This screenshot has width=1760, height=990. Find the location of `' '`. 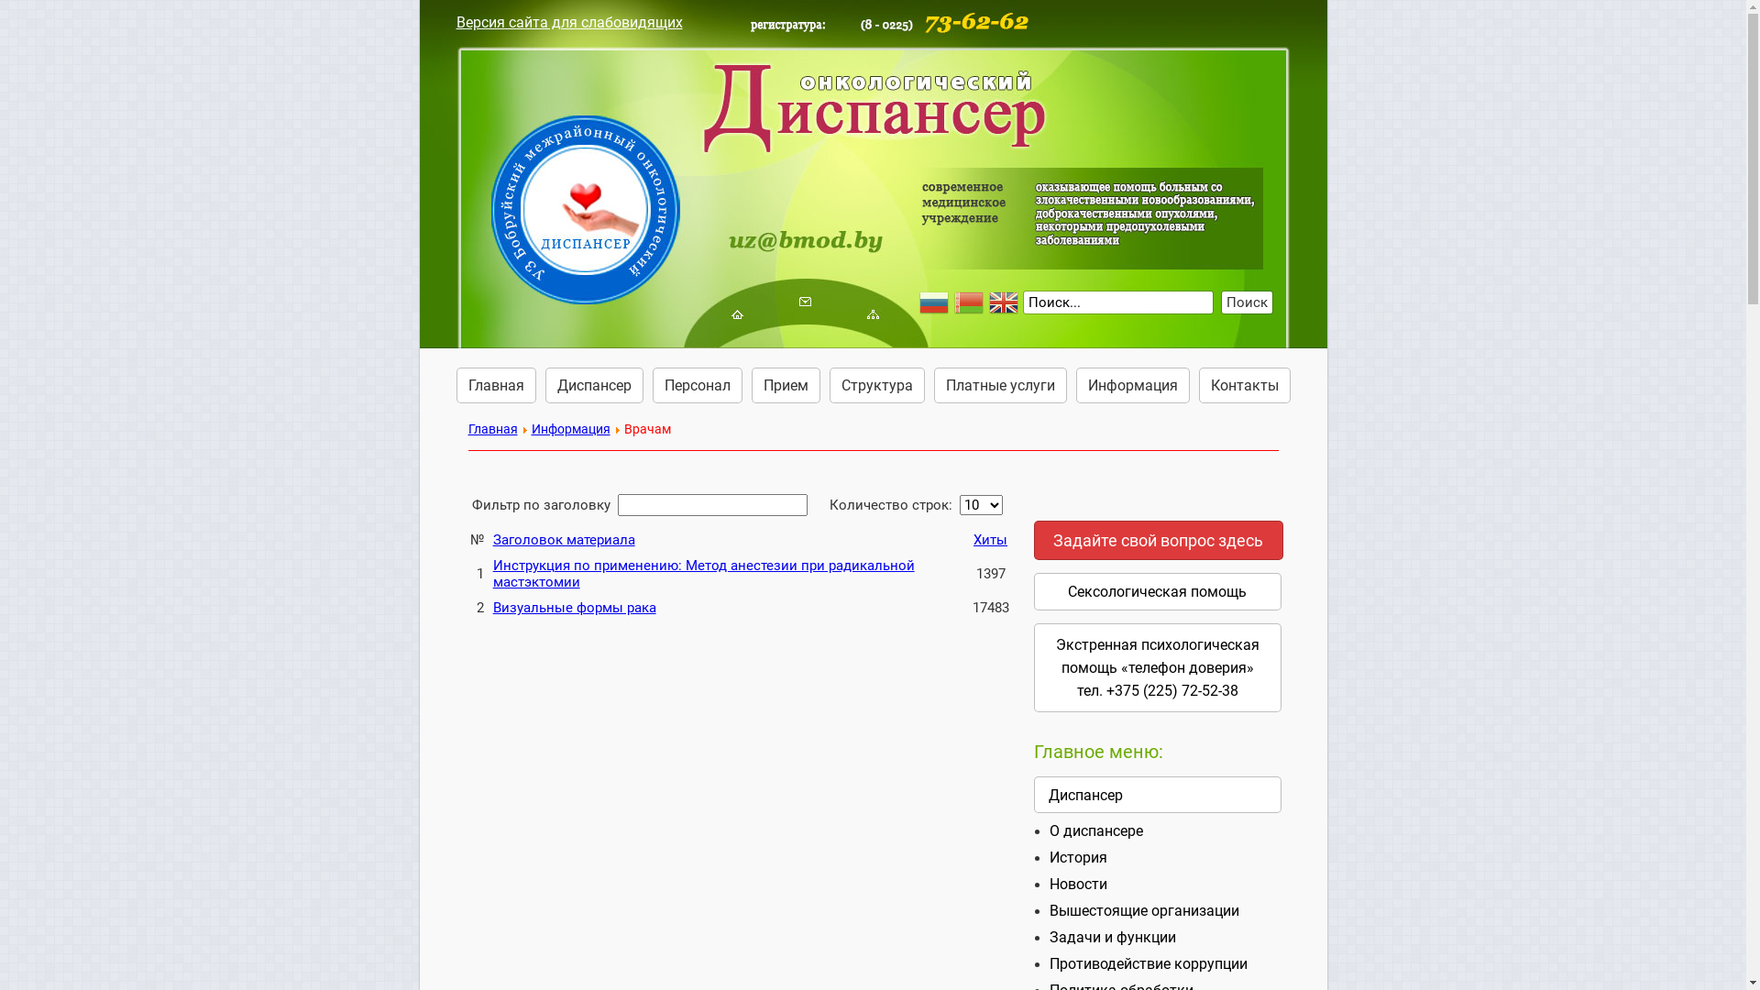

' ' is located at coordinates (735, 313).